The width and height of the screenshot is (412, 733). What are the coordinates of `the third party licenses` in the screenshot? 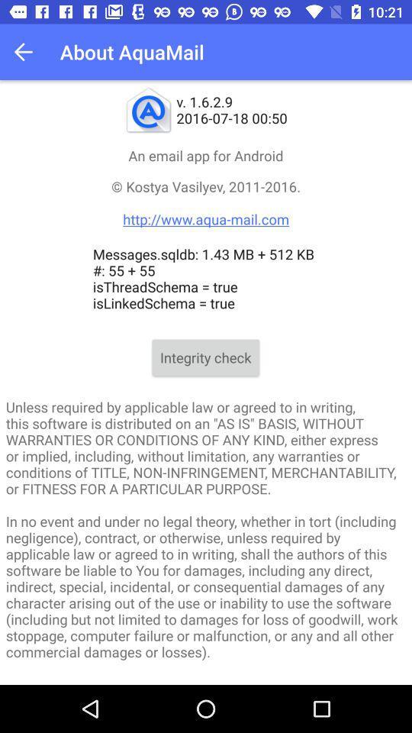 It's located at (205, 680).